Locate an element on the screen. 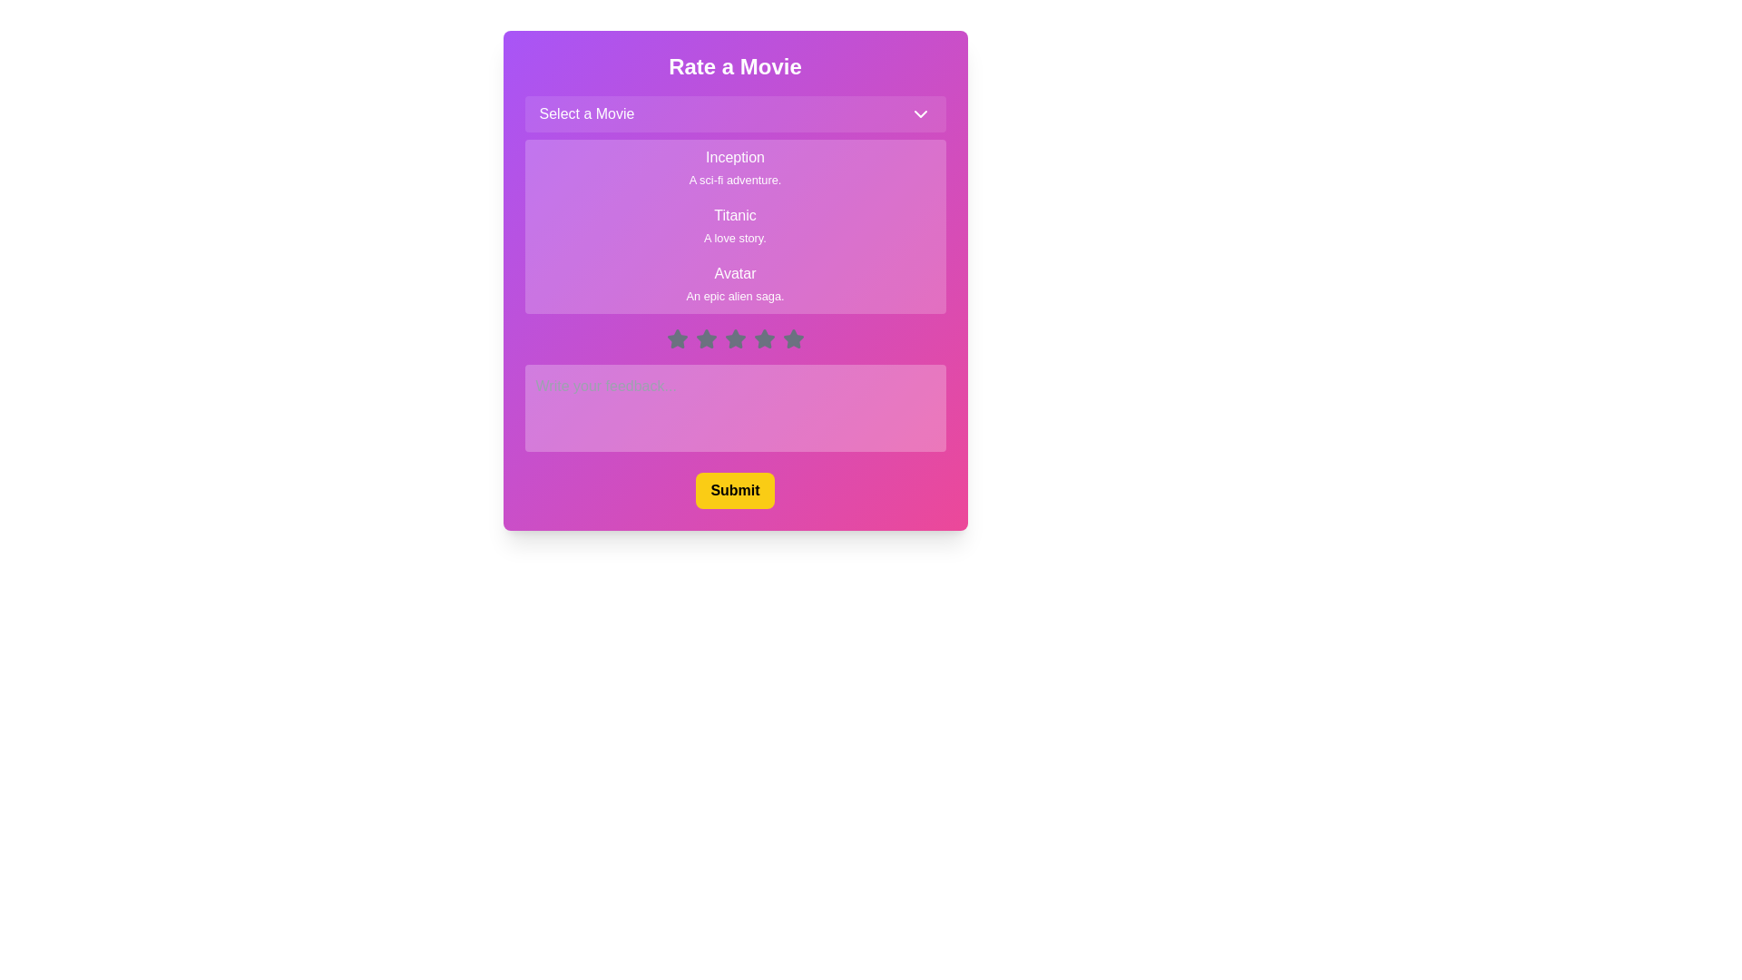 The width and height of the screenshot is (1742, 980). the third selectable movie option 'Avatar' in the list under 'Select a Movie' is located at coordinates (735, 284).